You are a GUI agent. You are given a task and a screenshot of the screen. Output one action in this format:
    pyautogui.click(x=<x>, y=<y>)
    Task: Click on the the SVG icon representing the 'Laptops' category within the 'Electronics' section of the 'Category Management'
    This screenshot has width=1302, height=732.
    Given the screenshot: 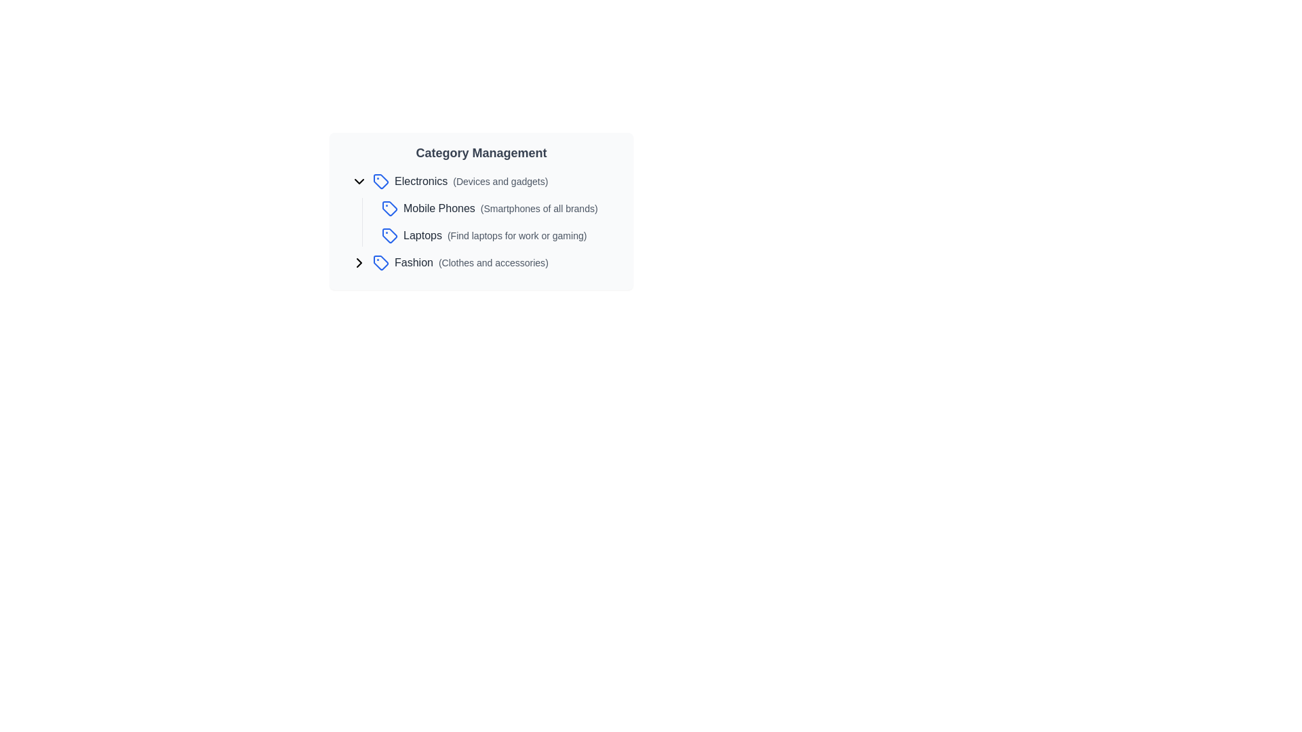 What is the action you would take?
    pyautogui.click(x=389, y=235)
    